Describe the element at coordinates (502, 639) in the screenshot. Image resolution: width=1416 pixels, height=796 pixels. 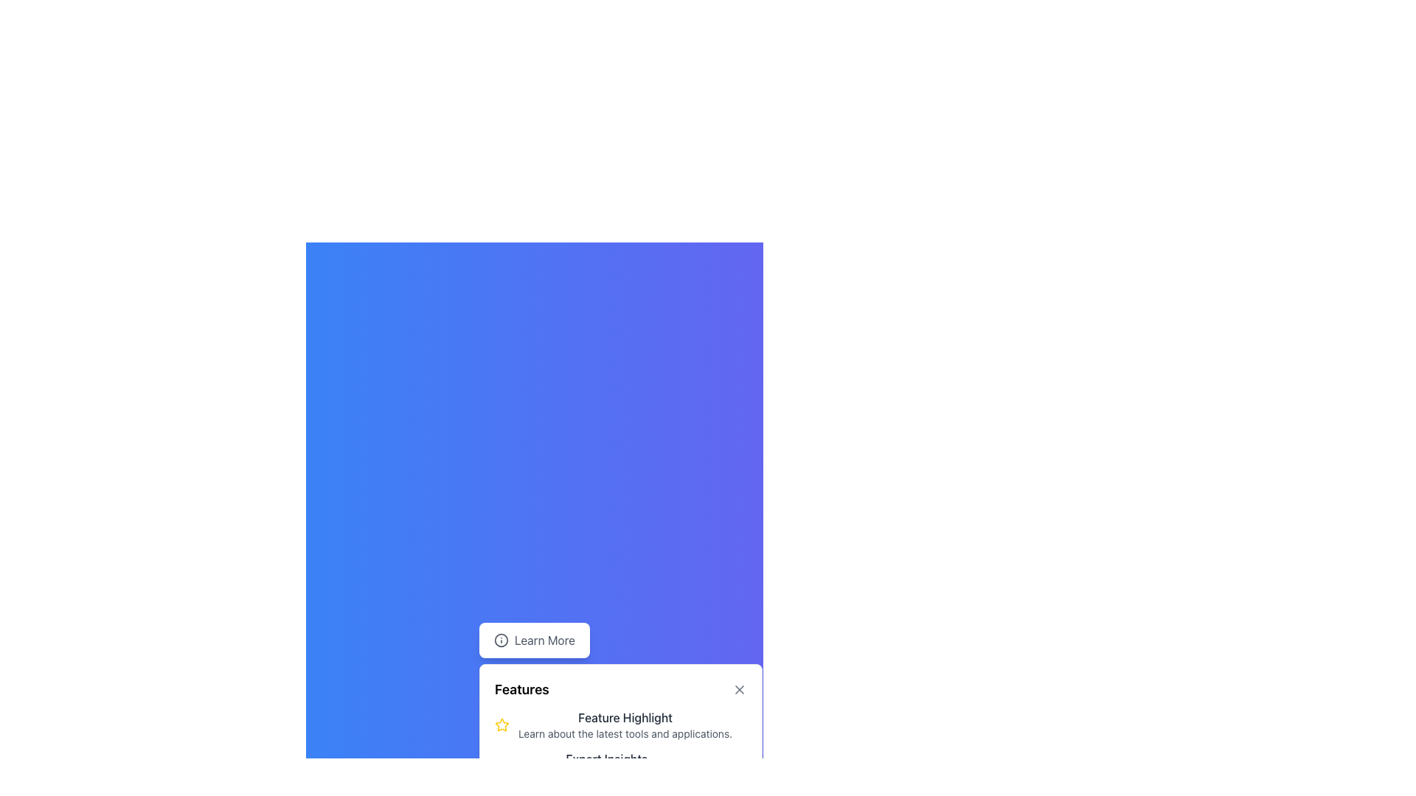
I see `the Circle SVG element that is part of an informational icon, located near interactive elements like the 'Learn More' button` at that location.